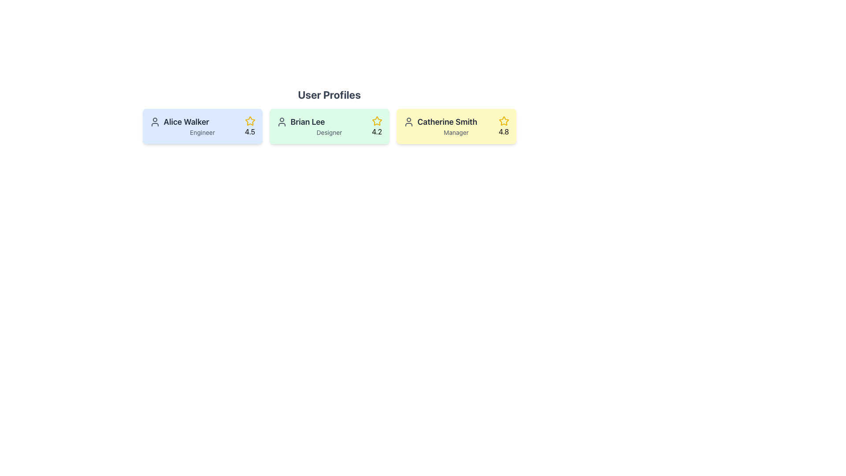 The image size is (846, 476). Describe the element at coordinates (377, 121) in the screenshot. I see `the star icon representing the rating associated with the user 'Brian Lee', which indicates a score of 4.2, located at the top-right corner of the user card` at that location.